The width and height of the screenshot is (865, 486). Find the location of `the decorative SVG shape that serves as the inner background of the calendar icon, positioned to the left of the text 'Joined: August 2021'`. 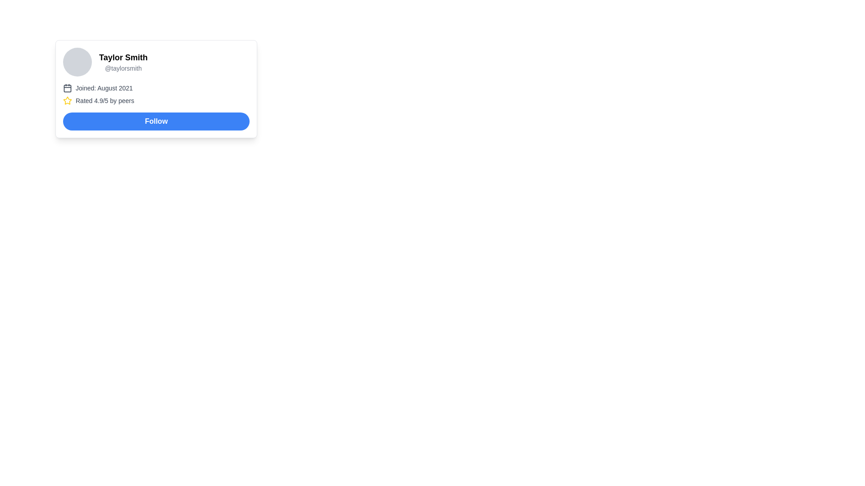

the decorative SVG shape that serves as the inner background of the calendar icon, positioned to the left of the text 'Joined: August 2021' is located at coordinates (67, 88).